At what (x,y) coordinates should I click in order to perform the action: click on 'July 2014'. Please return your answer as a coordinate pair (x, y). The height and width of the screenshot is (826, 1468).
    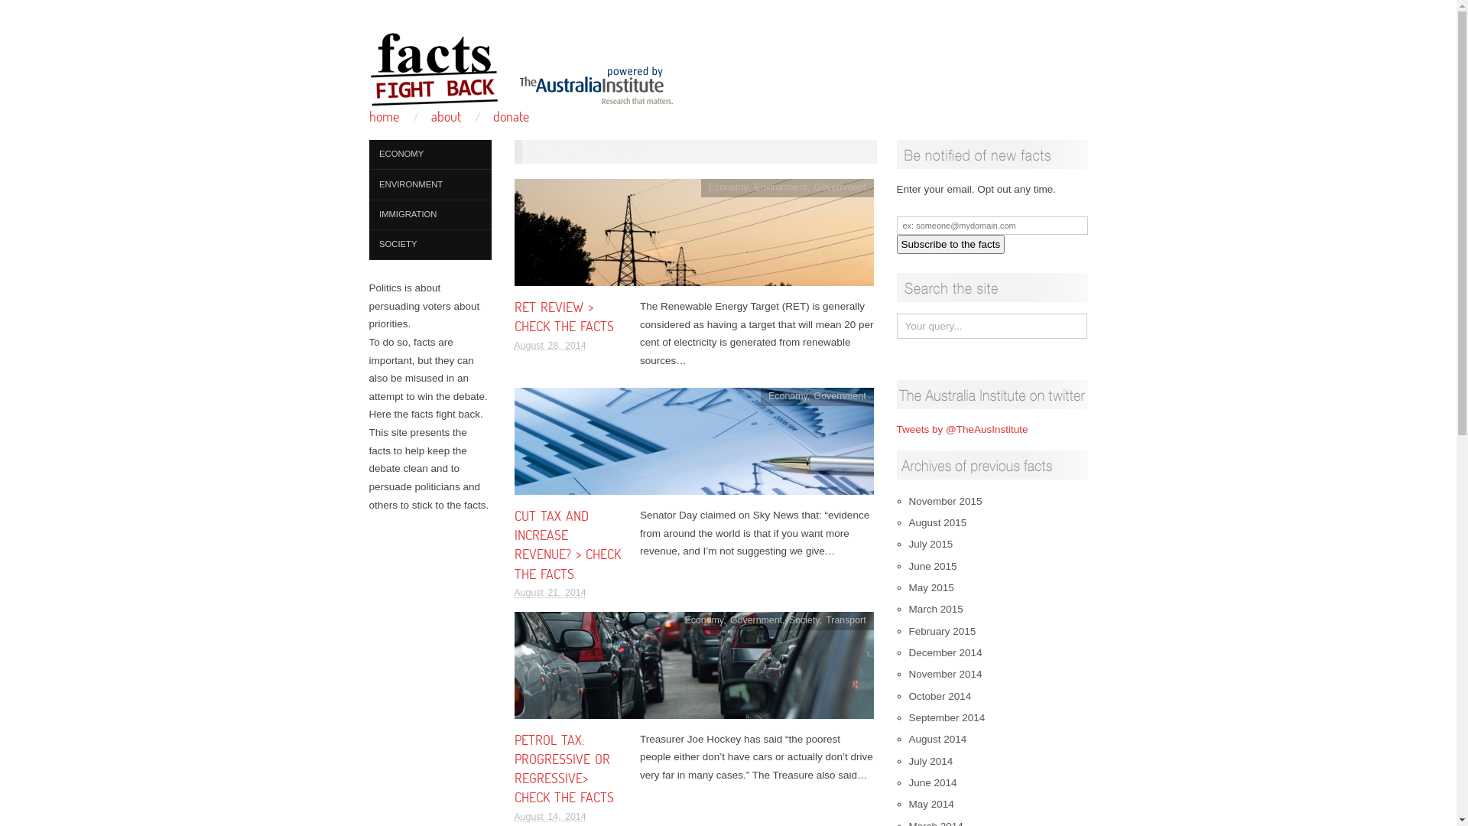
    Looking at the image, I should click on (930, 761).